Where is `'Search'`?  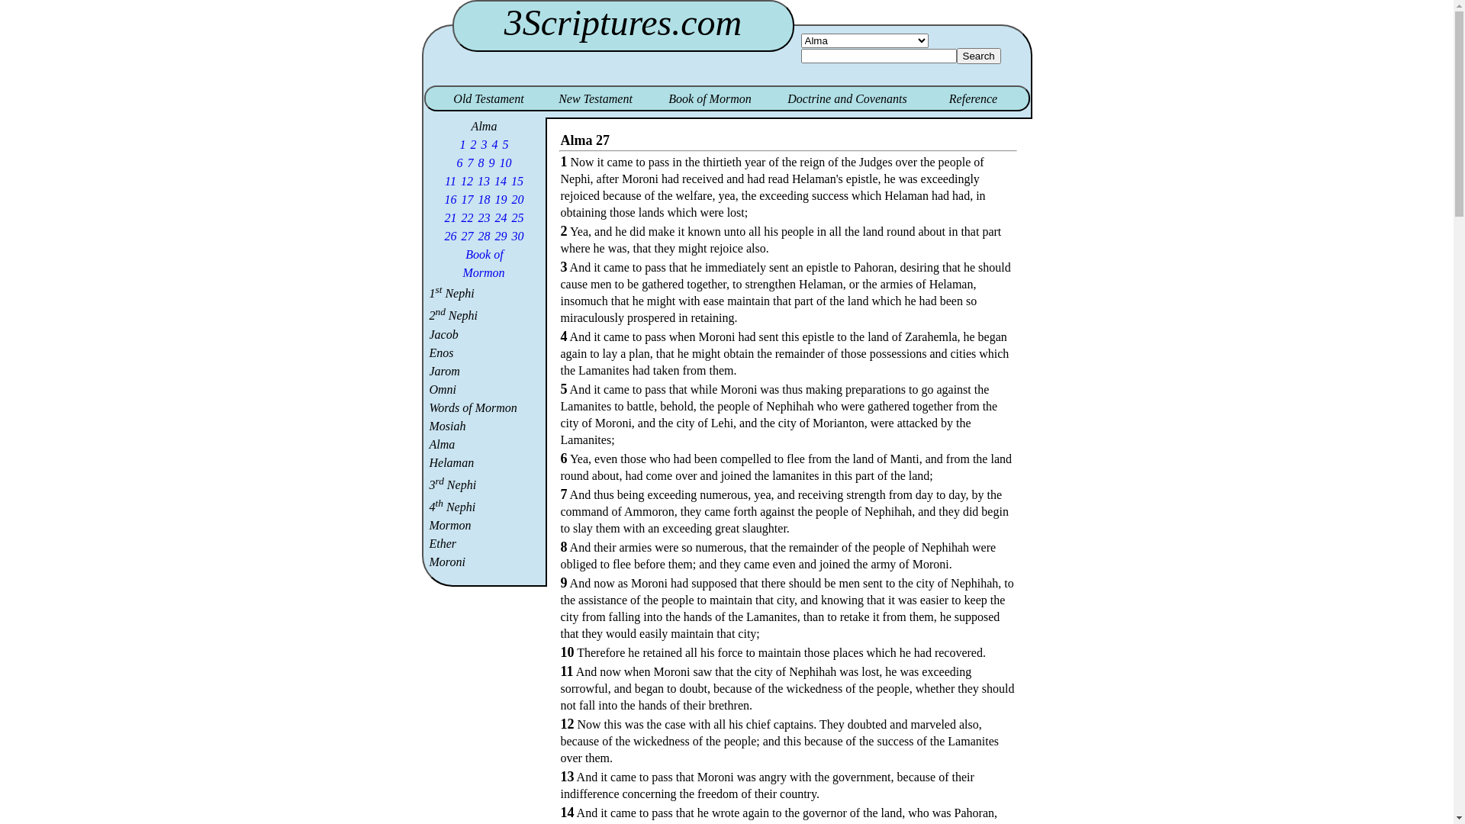
'Search' is located at coordinates (978, 55).